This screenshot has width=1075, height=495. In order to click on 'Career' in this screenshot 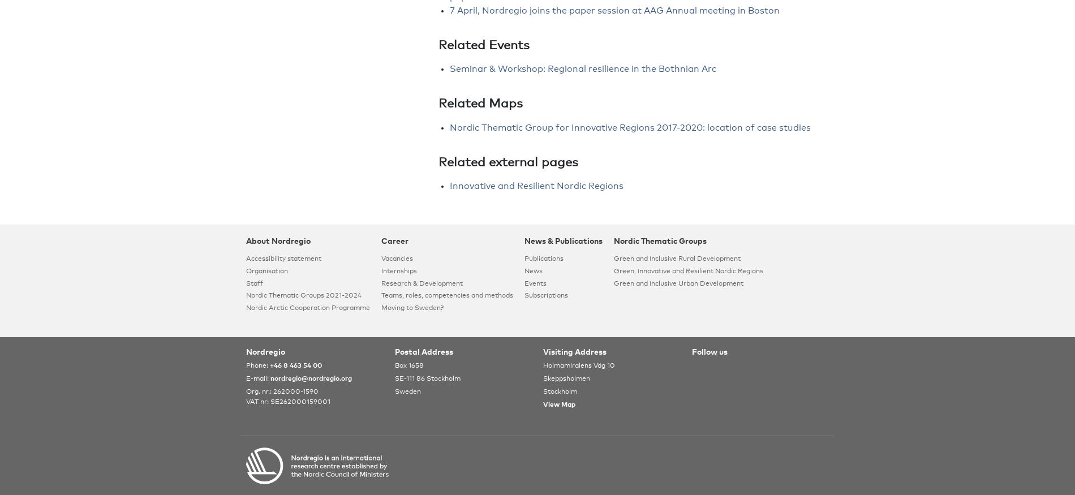, I will do `click(381, 241)`.